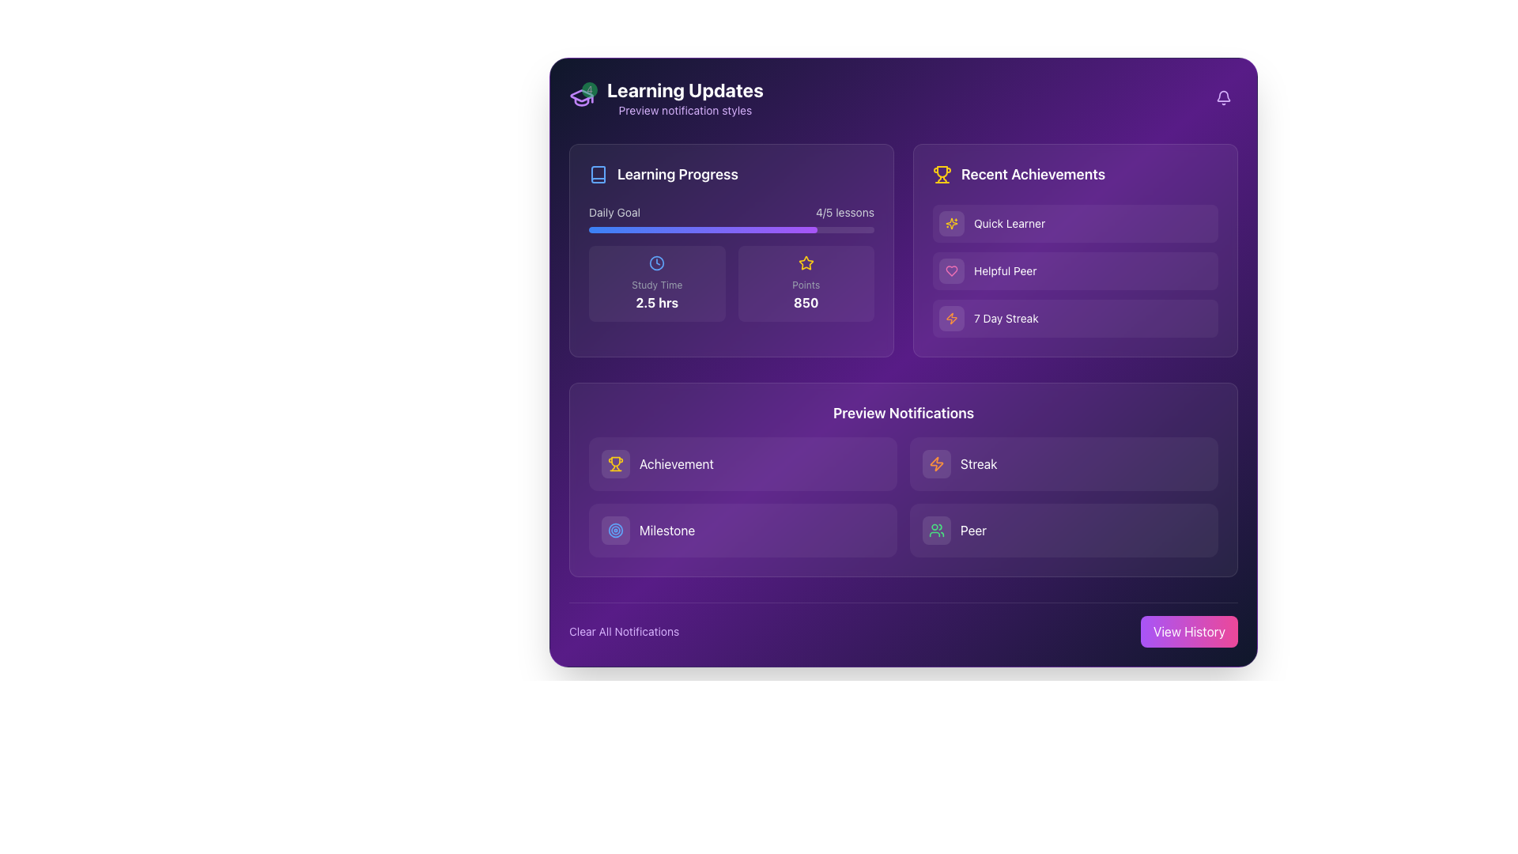 This screenshot has height=854, width=1518. I want to click on the circular outline of the clock icon located in the 'Study Time' section of the 'Learning Progress' box in the upper-left area of the interface, so click(657, 262).